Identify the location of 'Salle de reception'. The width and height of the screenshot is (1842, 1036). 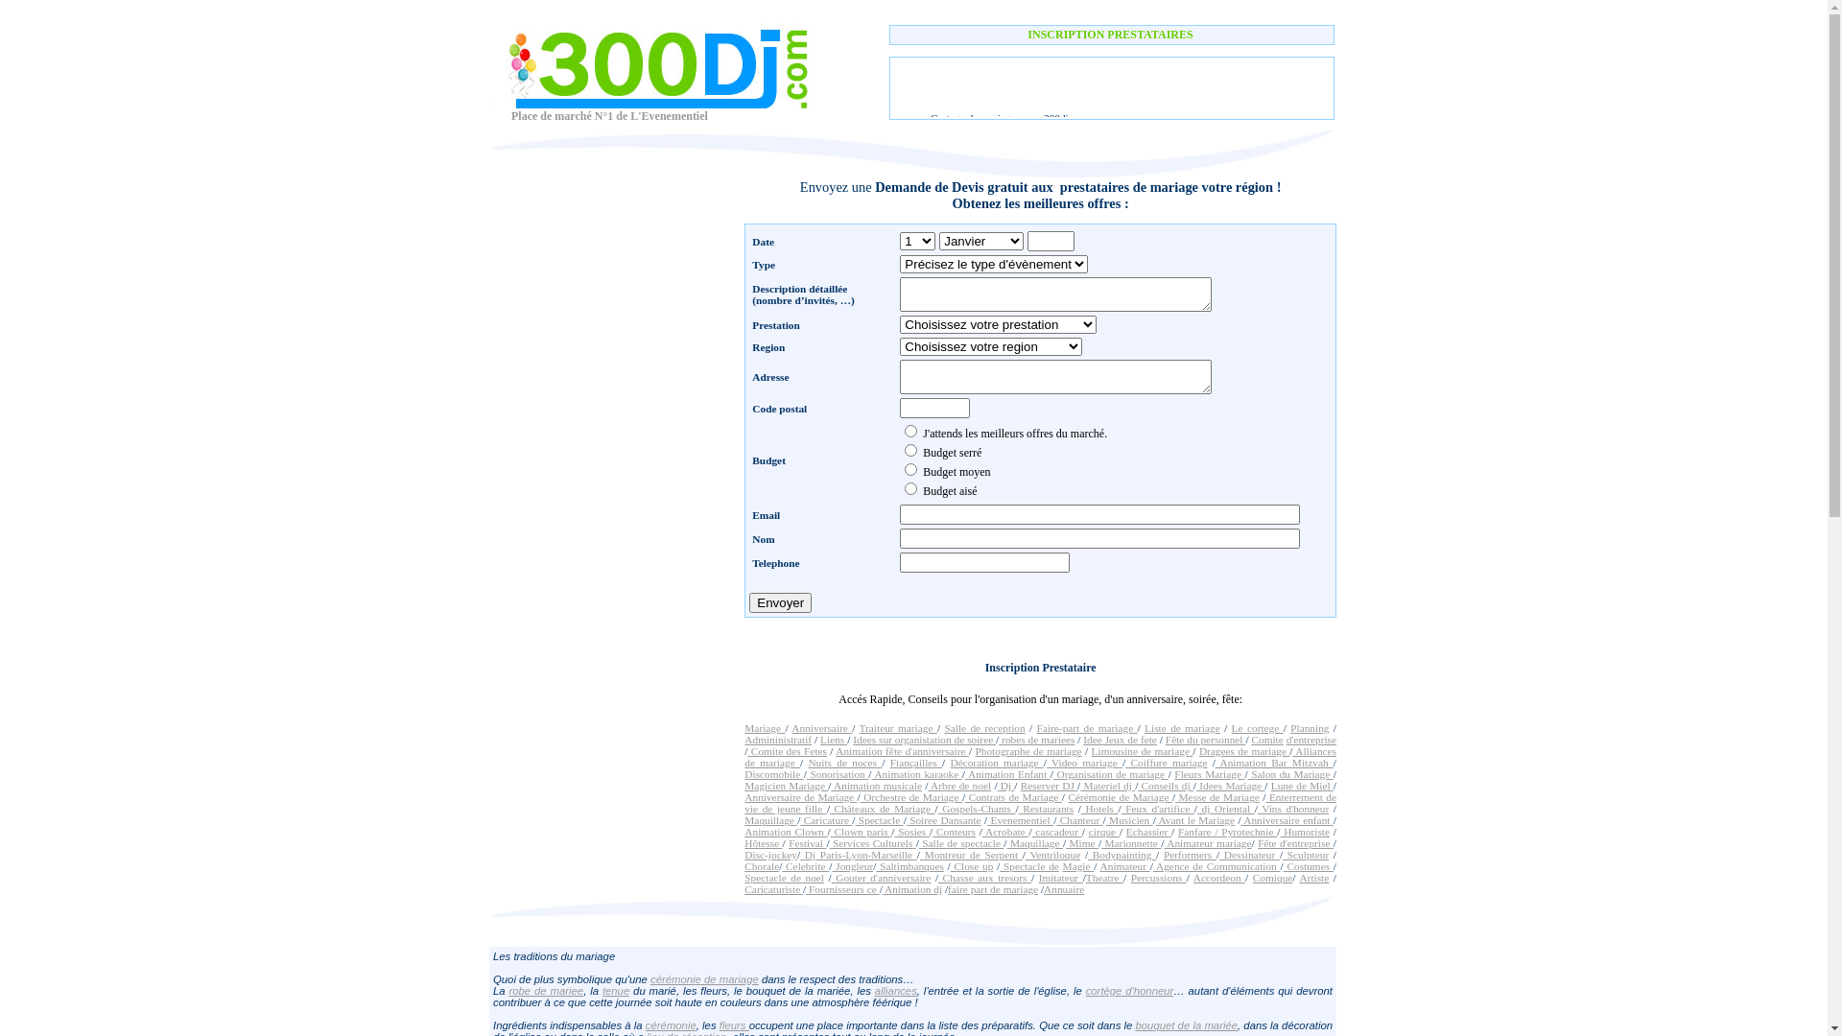
(984, 728).